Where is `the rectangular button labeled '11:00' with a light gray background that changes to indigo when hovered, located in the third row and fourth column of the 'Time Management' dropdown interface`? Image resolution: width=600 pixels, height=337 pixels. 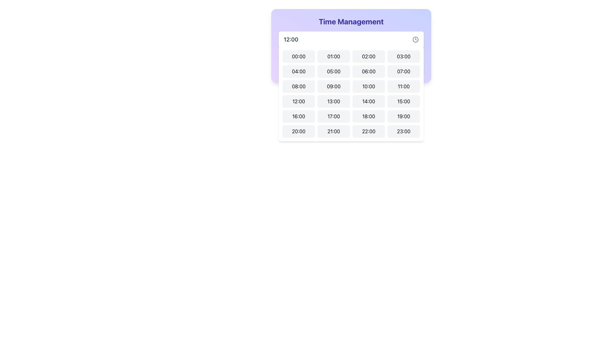 the rectangular button labeled '11:00' with a light gray background that changes to indigo when hovered, located in the third row and fourth column of the 'Time Management' dropdown interface is located at coordinates (403, 86).